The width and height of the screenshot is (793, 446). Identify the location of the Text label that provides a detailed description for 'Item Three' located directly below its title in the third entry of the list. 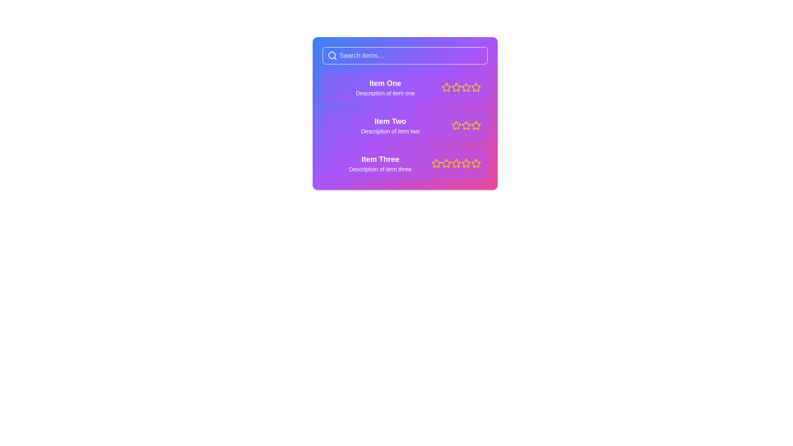
(380, 168).